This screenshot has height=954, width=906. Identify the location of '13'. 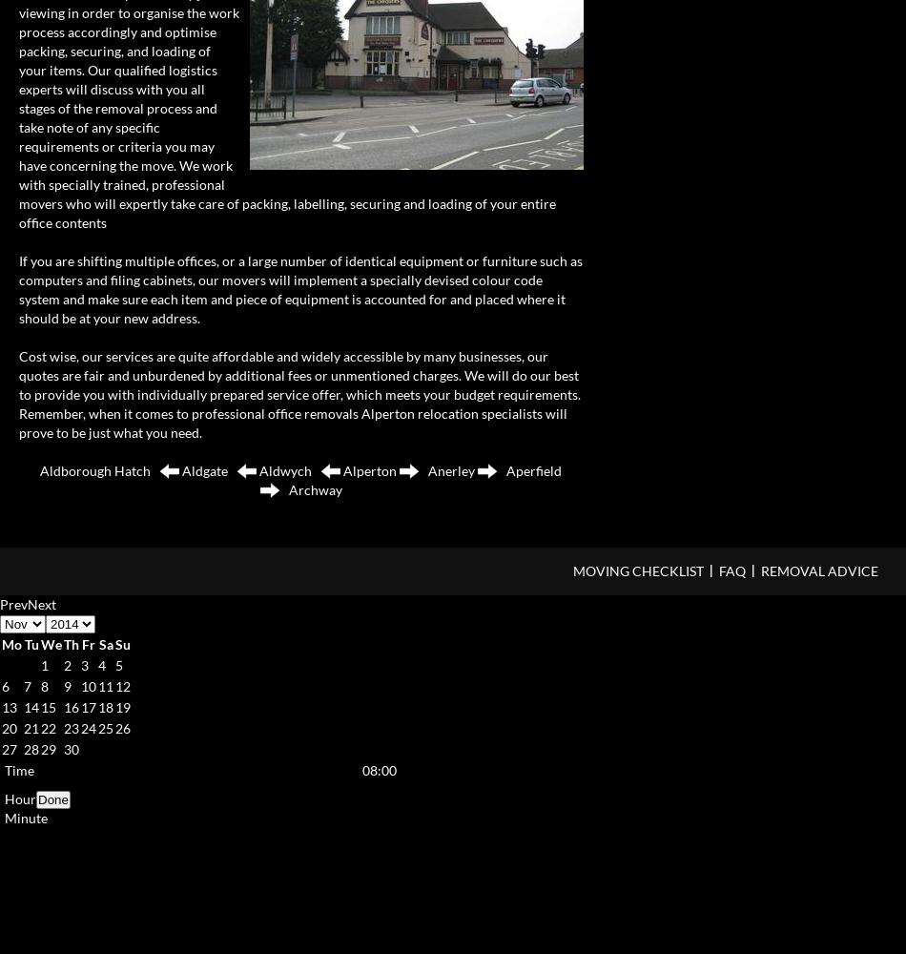
(9, 705).